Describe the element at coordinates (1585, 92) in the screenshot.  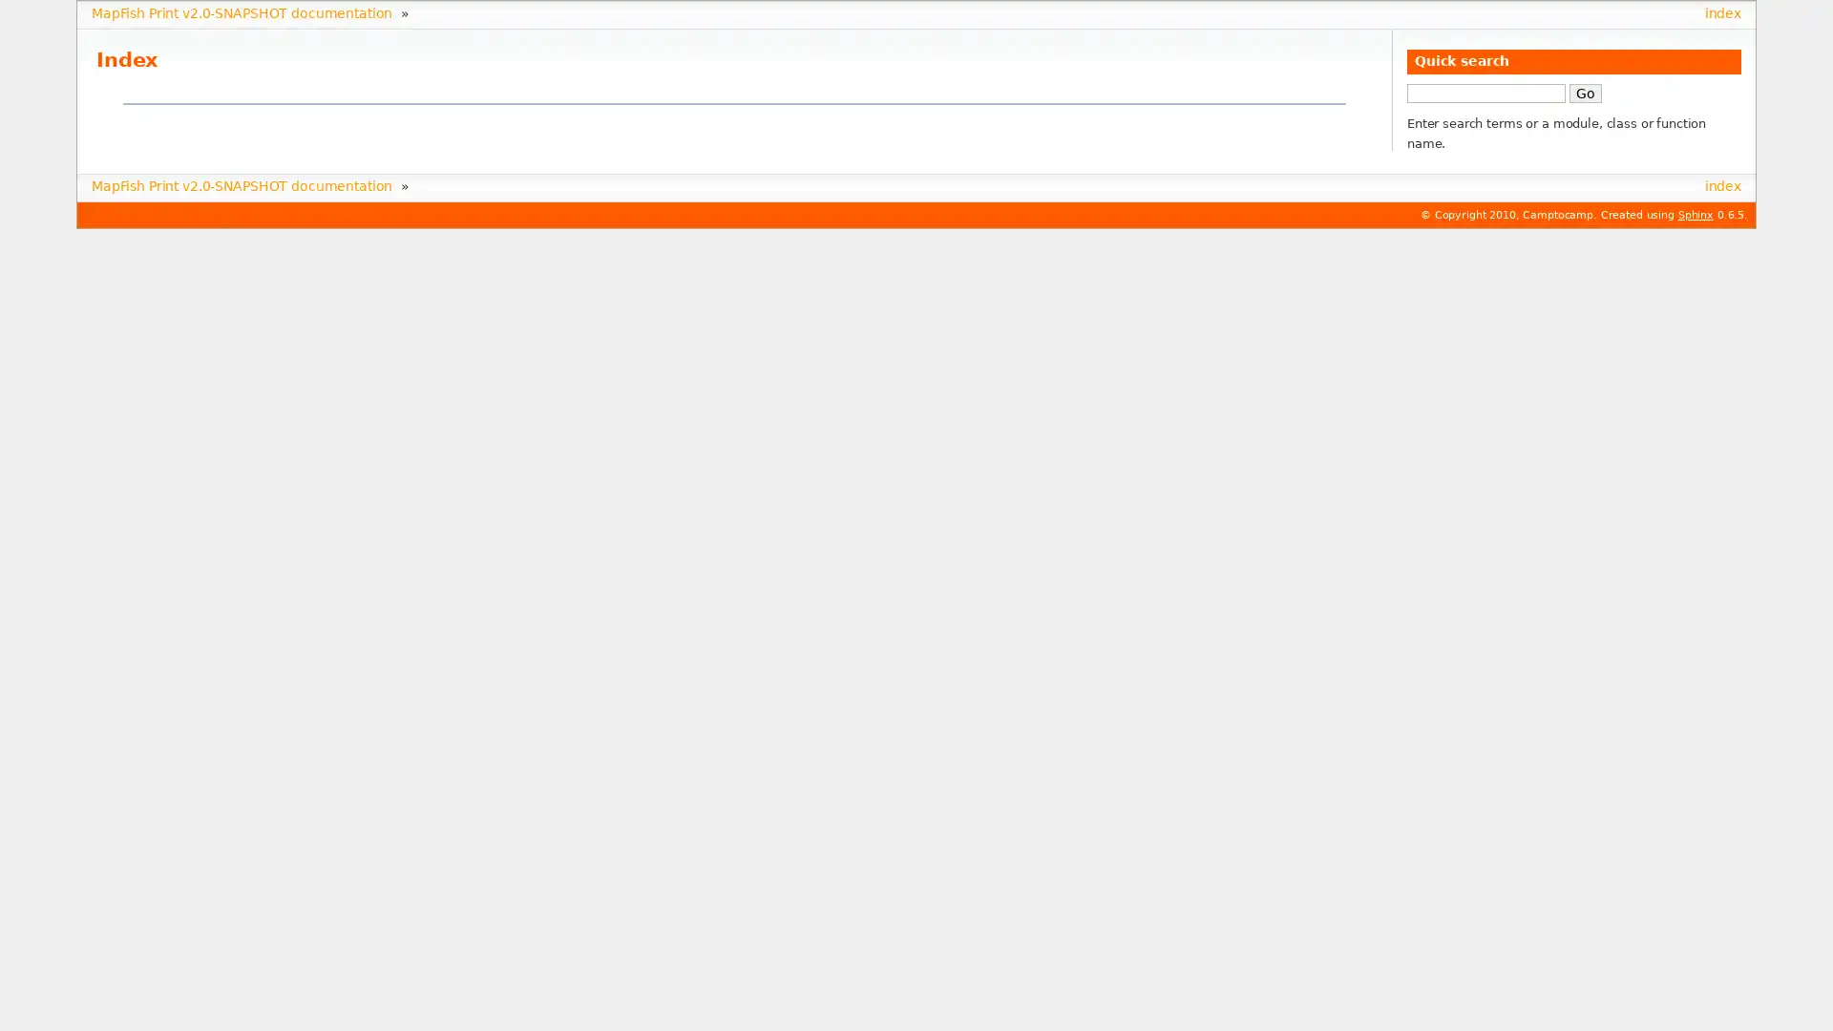
I see `Go` at that location.